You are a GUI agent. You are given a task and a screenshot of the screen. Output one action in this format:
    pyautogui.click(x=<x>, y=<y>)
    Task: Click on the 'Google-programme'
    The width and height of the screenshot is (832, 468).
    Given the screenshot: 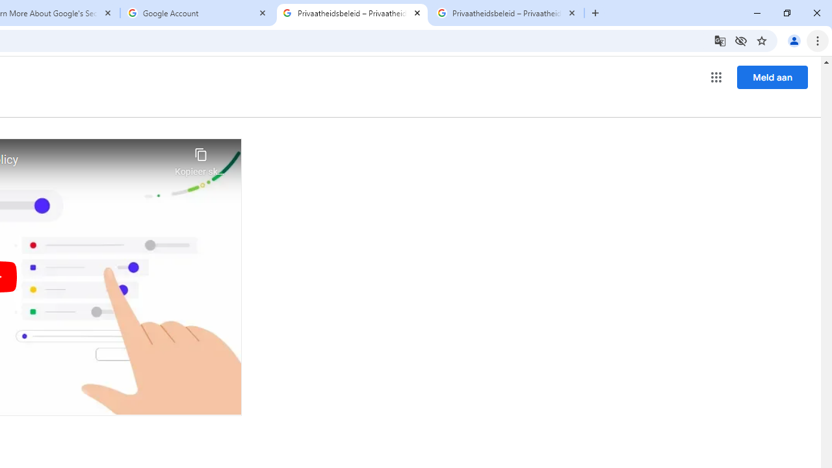 What is the action you would take?
    pyautogui.click(x=716, y=77)
    